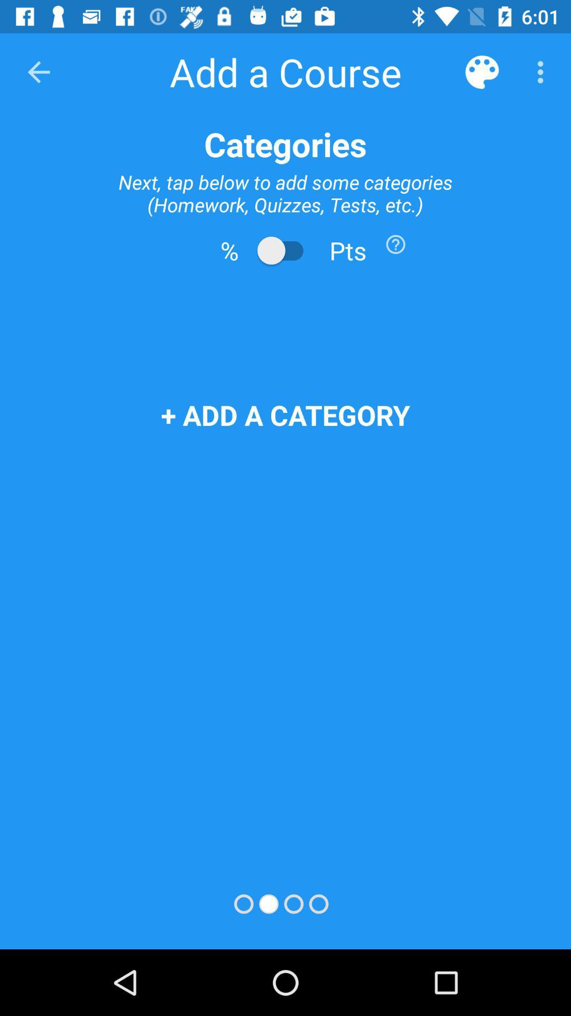  I want to click on the item to the right of pts item, so click(395, 243).